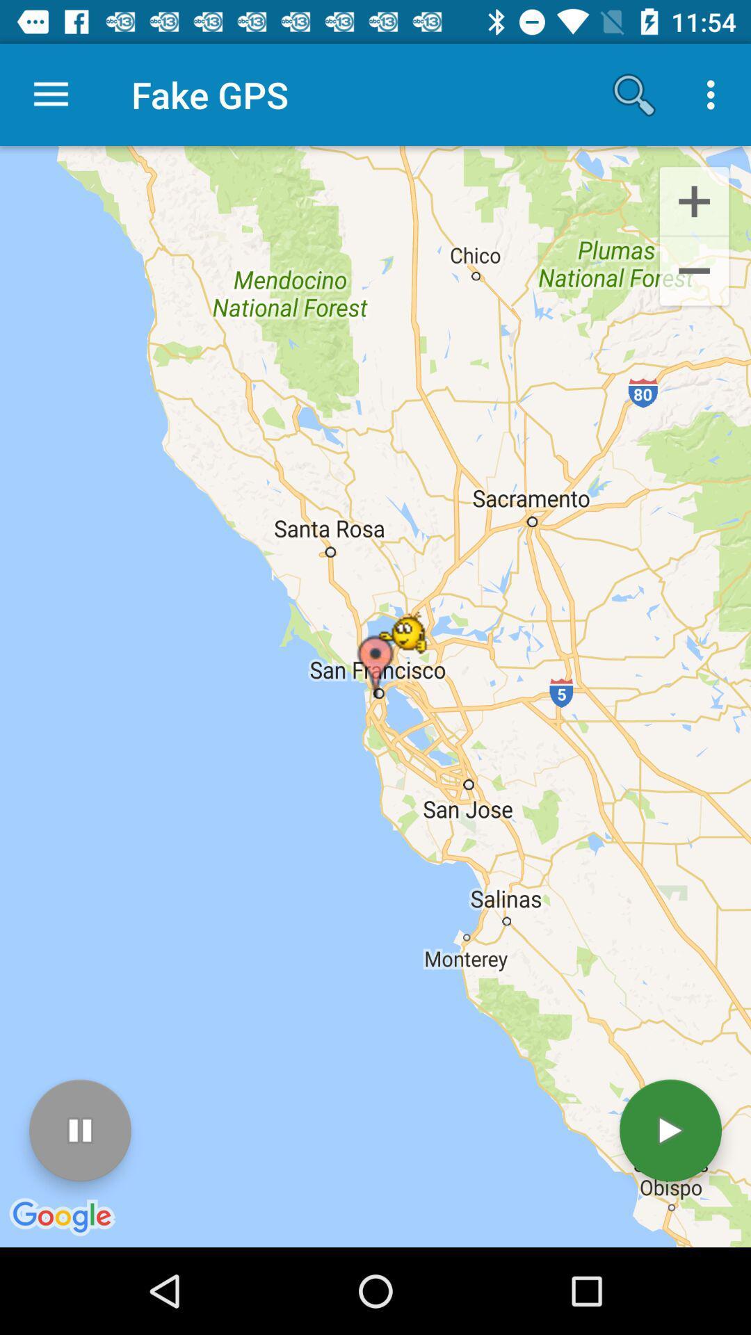 The image size is (751, 1335). What do you see at coordinates (670, 1131) in the screenshot?
I see `the play icon` at bounding box center [670, 1131].